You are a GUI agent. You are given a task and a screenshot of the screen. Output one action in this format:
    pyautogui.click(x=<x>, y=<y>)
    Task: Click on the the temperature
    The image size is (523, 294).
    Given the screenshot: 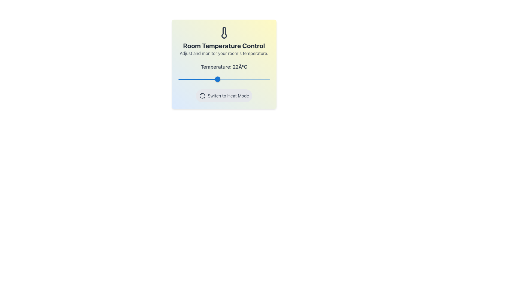 What is the action you would take?
    pyautogui.click(x=215, y=79)
    